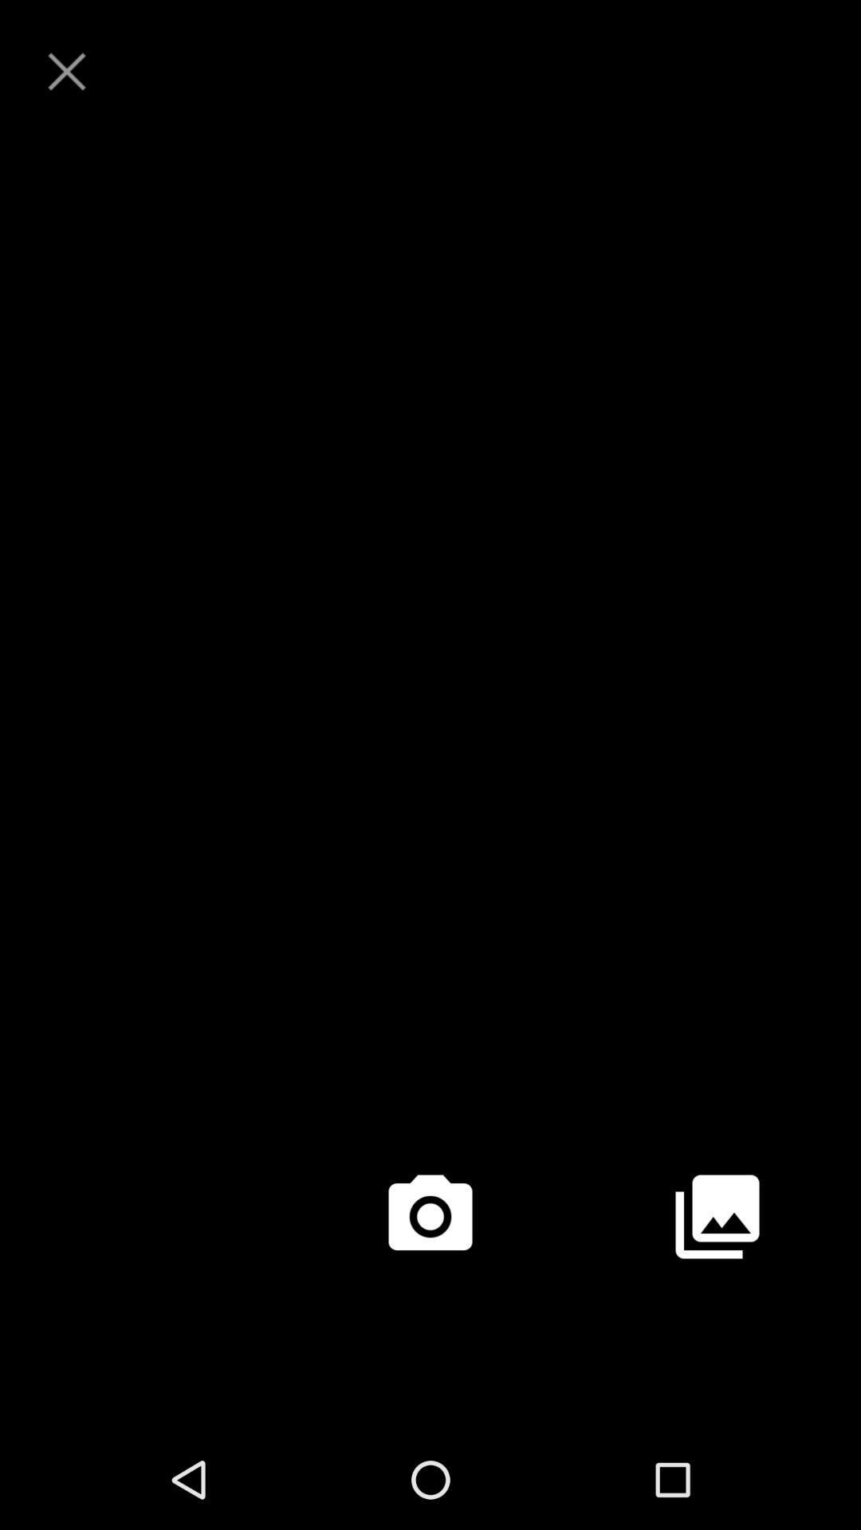  What do you see at coordinates (431, 1215) in the screenshot?
I see `take a picture` at bounding box center [431, 1215].